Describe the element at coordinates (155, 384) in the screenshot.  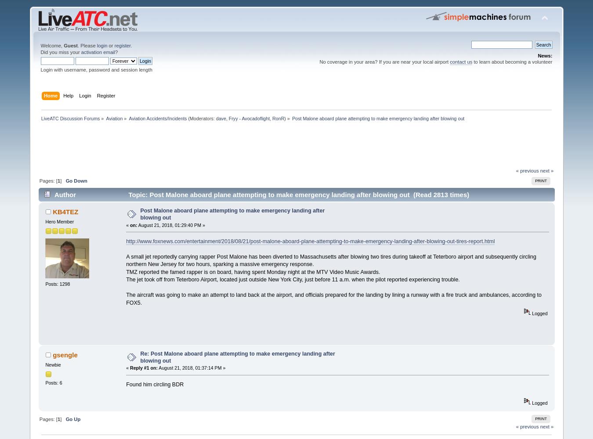
I see `'Found him circling BDR'` at that location.